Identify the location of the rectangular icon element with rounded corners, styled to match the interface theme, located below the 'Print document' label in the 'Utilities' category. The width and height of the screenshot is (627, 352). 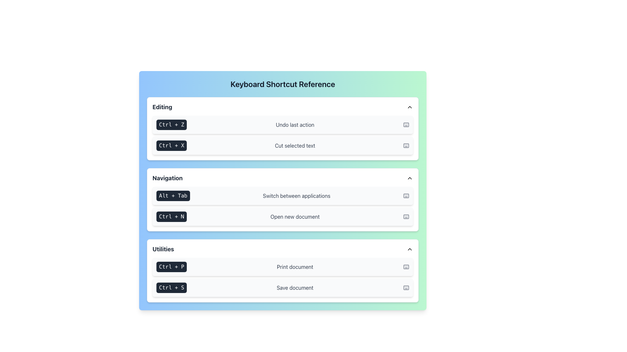
(406, 267).